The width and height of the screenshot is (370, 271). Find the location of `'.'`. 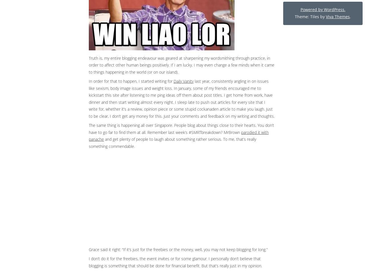

'.' is located at coordinates (350, 16).